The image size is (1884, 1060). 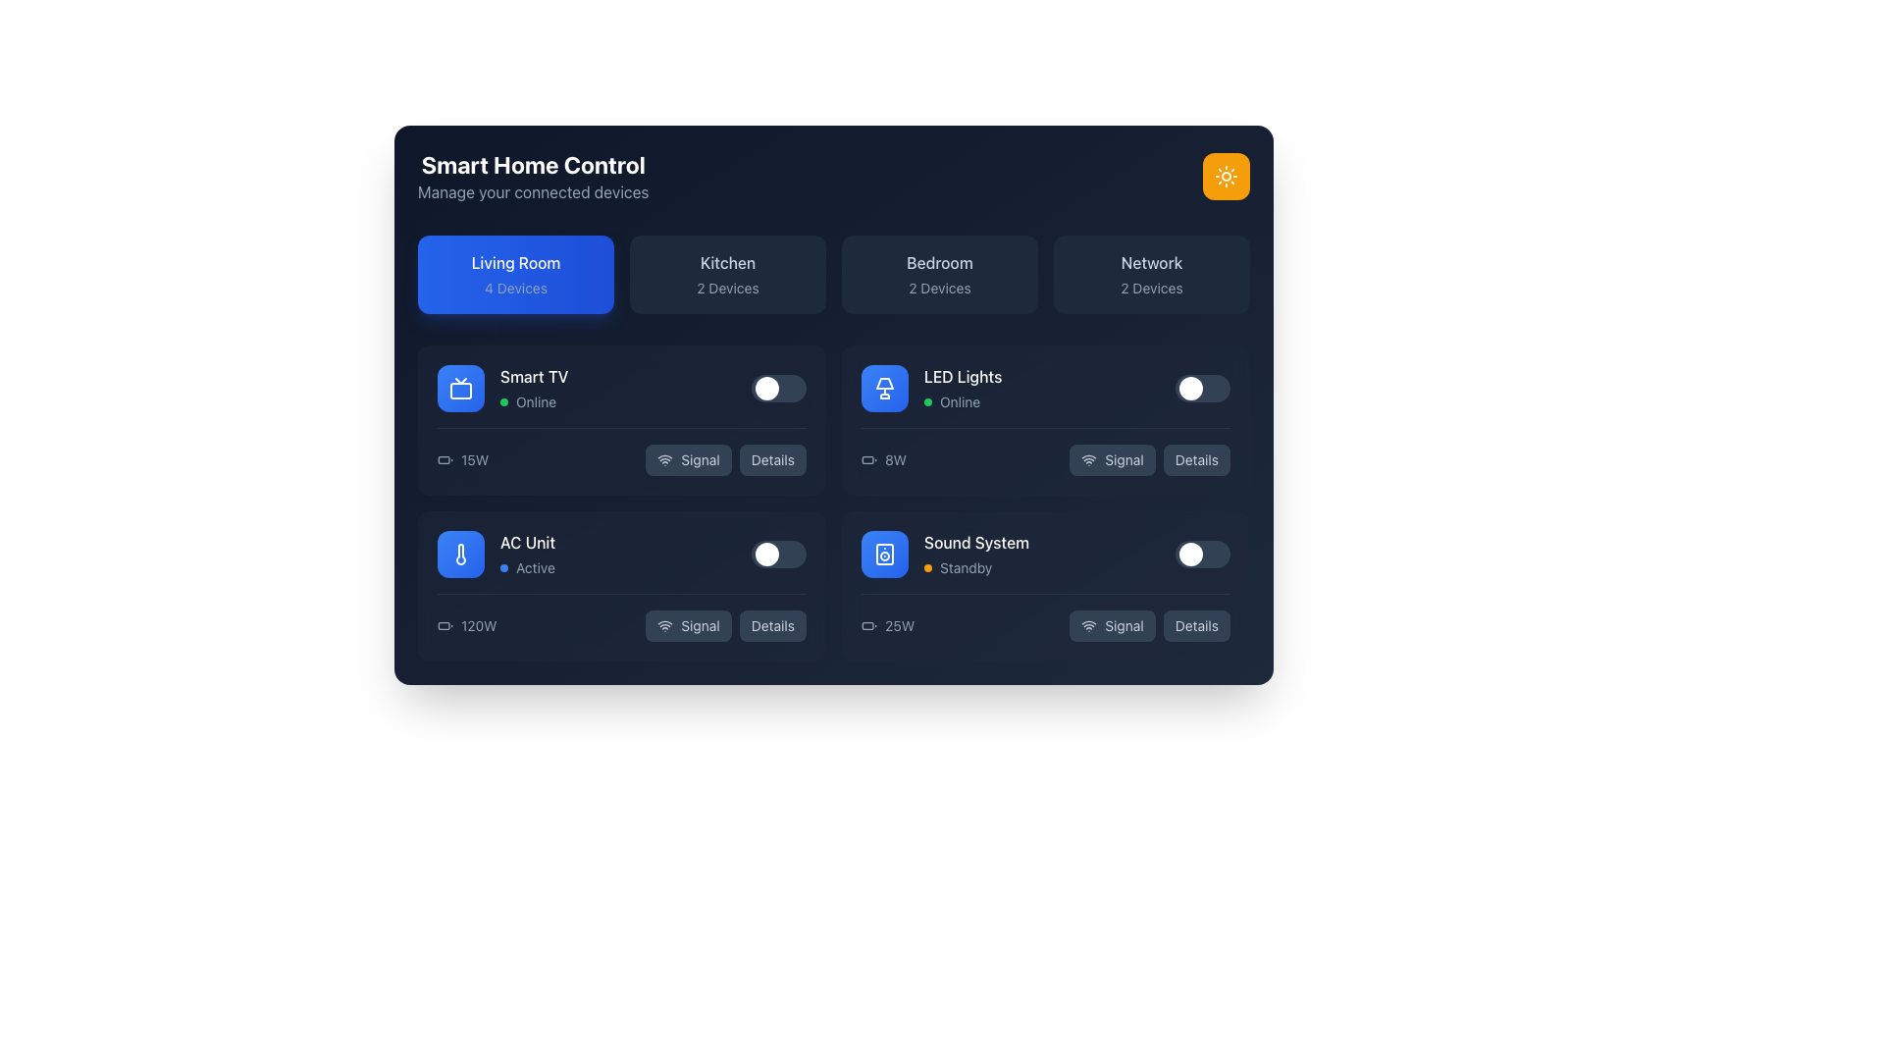 What do you see at coordinates (533, 192) in the screenshot?
I see `the text label that reads 'Manage your connected devices.', which is styled in light gray and located directly below the 'Smart Home Control' title` at bounding box center [533, 192].